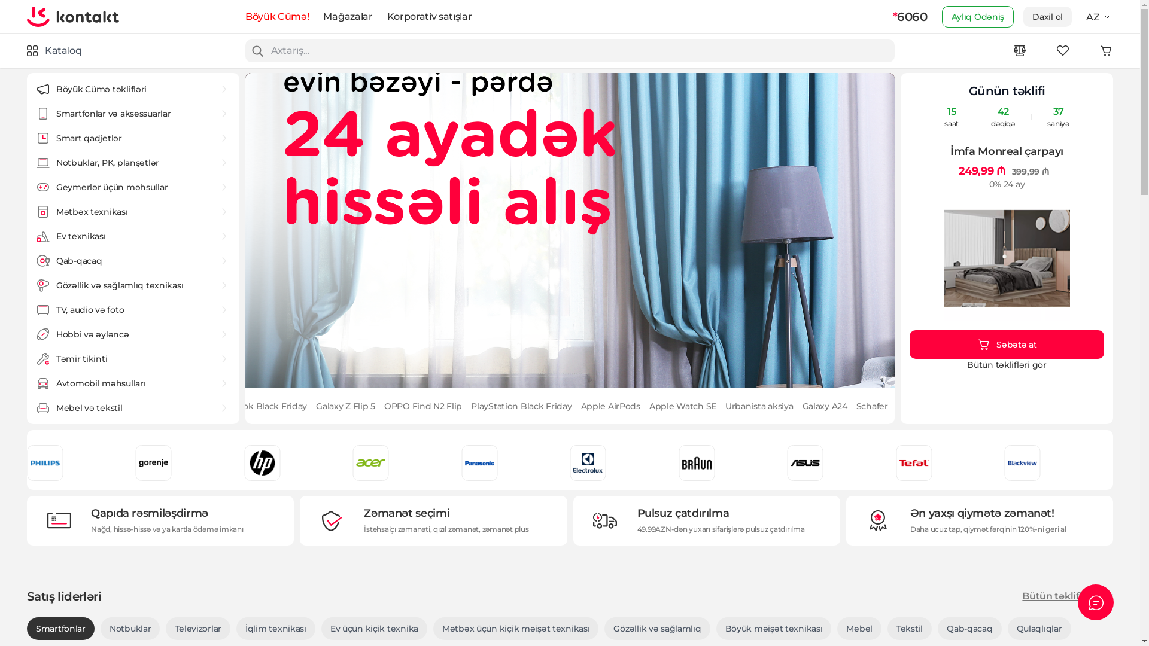  Describe the element at coordinates (133, 260) in the screenshot. I see `'Qab-qacaq'` at that location.